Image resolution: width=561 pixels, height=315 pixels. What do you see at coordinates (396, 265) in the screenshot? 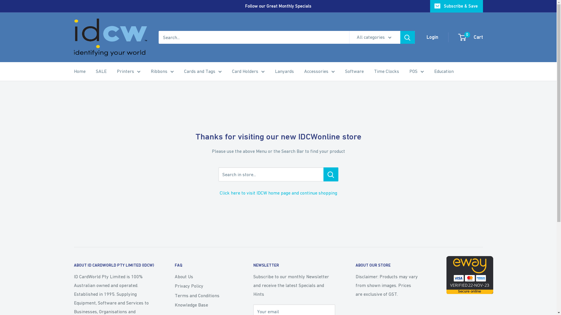
I see `'ABOUT OUR STORE'` at bounding box center [396, 265].